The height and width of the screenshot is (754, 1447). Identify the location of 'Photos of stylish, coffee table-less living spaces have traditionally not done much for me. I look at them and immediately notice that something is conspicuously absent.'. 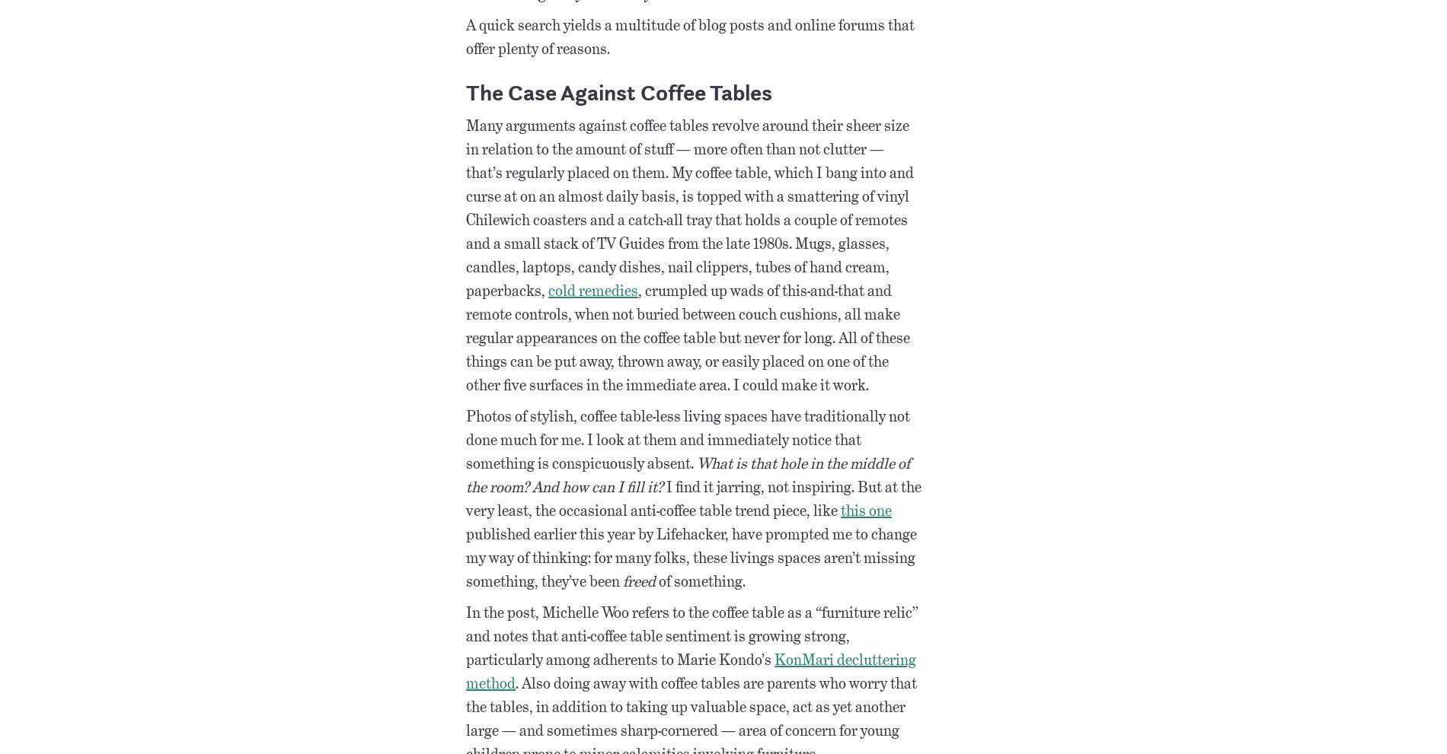
(465, 438).